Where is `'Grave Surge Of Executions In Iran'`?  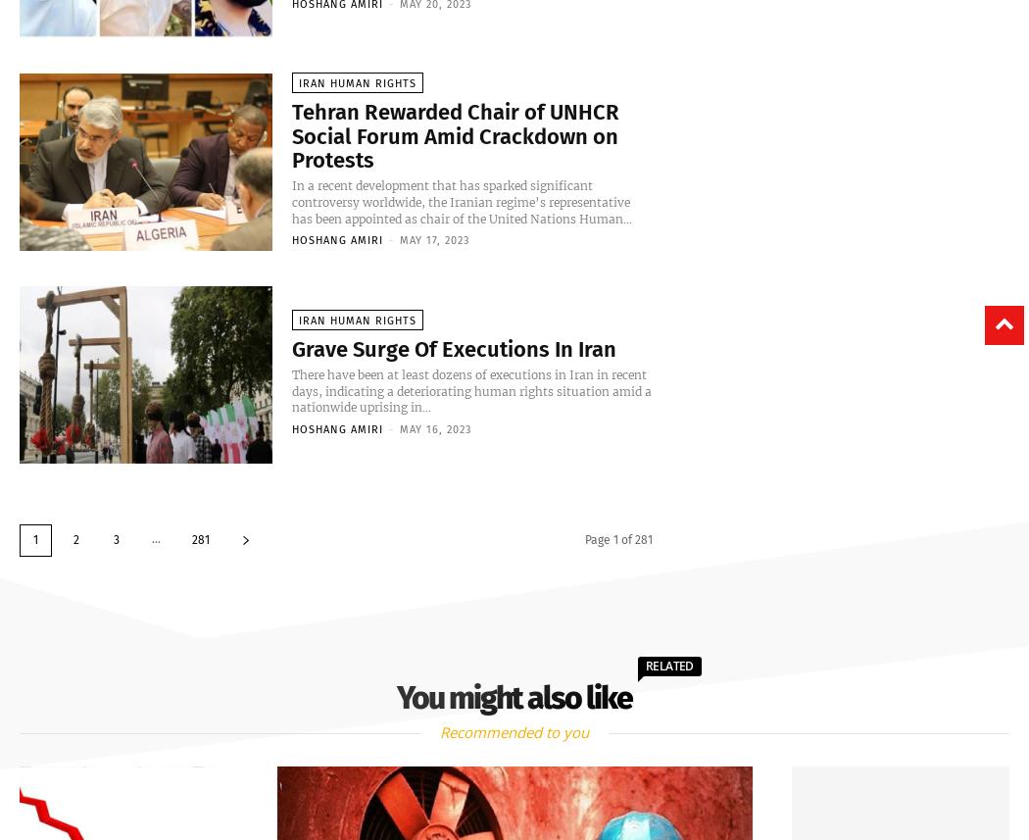
'Grave Surge Of Executions In Iran' is located at coordinates (290, 350).